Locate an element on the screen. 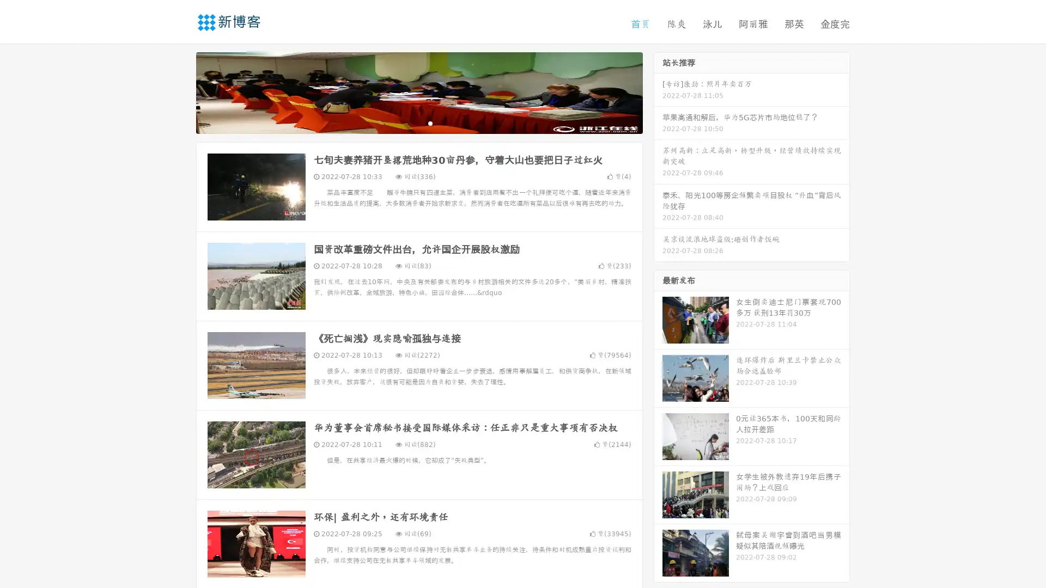 The height and width of the screenshot is (588, 1046). Go to slide 2 is located at coordinates (418, 122).